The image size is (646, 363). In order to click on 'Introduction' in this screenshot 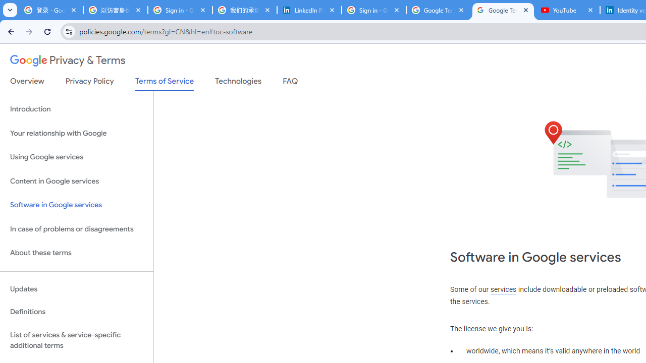, I will do `click(76, 109)`.